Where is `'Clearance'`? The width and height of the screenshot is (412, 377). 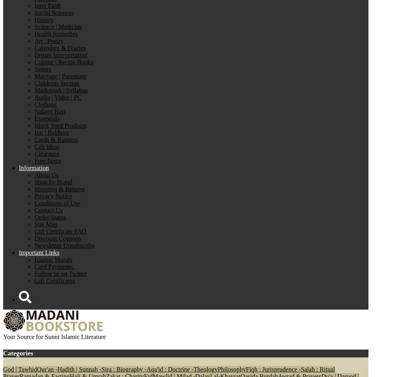
'Clearance' is located at coordinates (46, 153).